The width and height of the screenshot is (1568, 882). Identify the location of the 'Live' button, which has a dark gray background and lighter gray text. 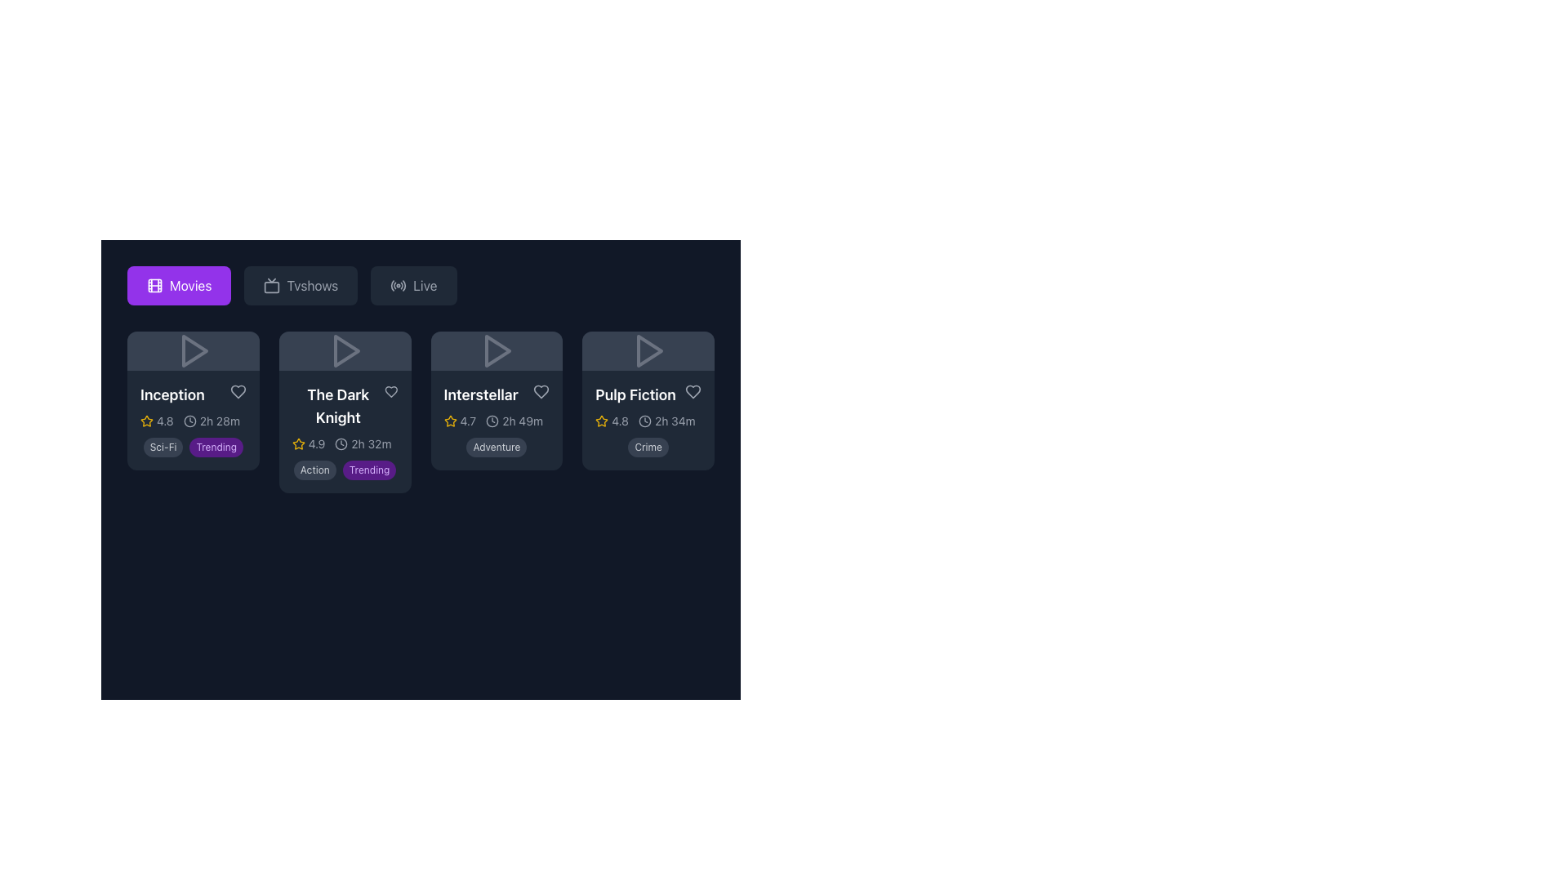
(413, 285).